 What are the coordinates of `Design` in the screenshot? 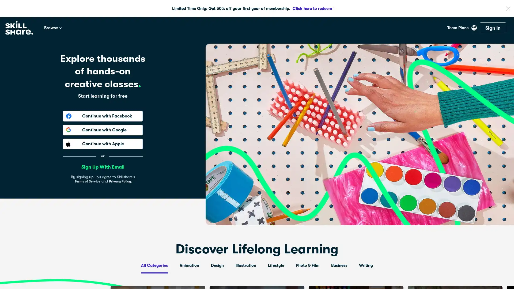 It's located at (217, 267).